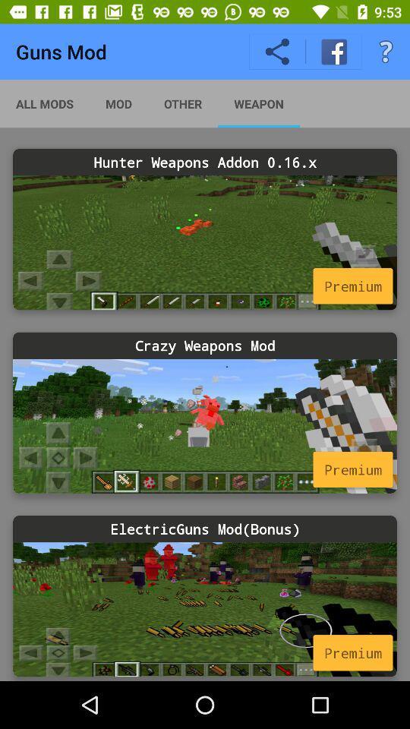 The image size is (410, 729). Describe the element at coordinates (183, 103) in the screenshot. I see `the item next to mod icon` at that location.